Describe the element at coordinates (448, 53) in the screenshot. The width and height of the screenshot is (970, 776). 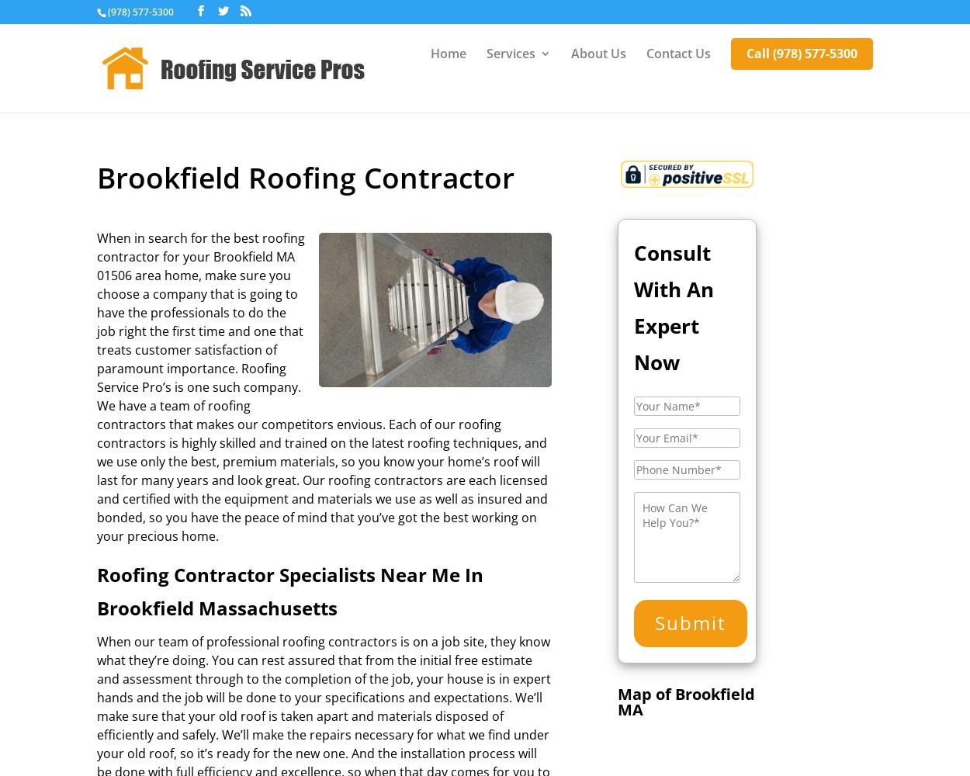
I see `'Home'` at that location.